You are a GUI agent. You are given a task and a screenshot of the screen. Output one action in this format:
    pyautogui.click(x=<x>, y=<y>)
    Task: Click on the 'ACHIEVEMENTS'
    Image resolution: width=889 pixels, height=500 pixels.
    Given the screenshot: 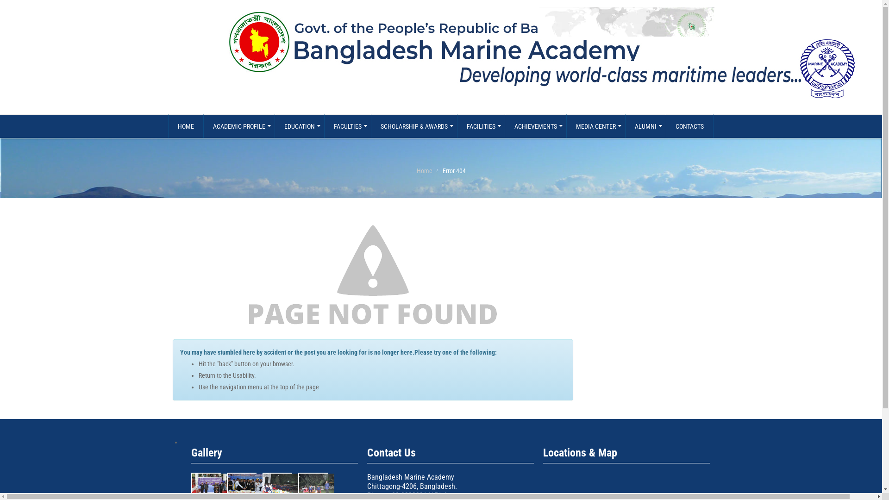 What is the action you would take?
    pyautogui.click(x=504, y=126)
    